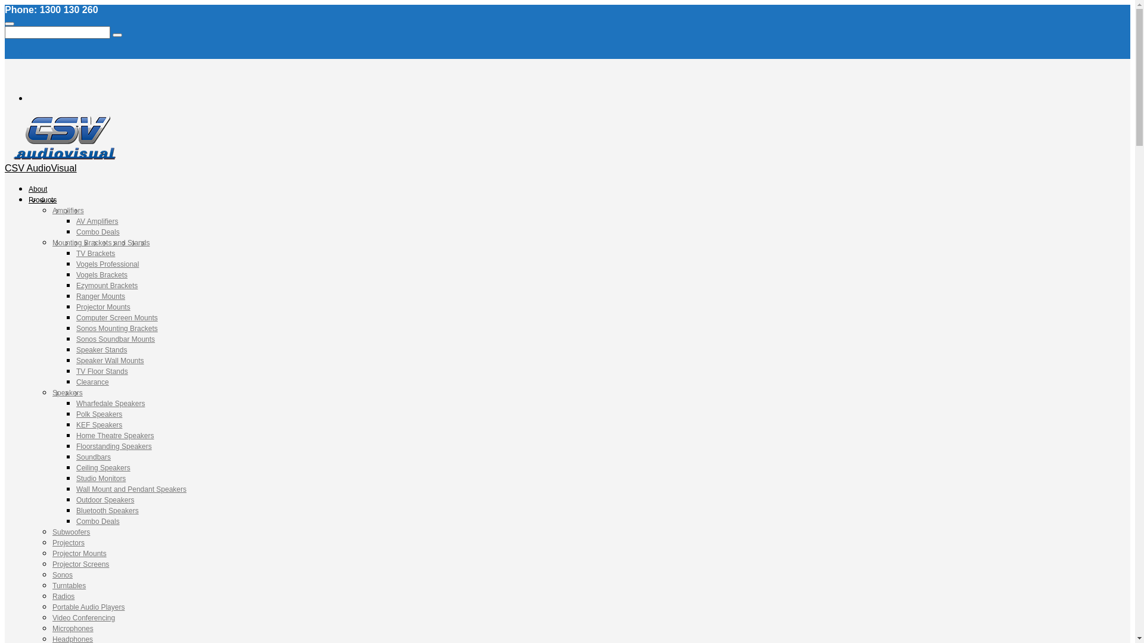 The height and width of the screenshot is (643, 1144). Describe the element at coordinates (117, 317) in the screenshot. I see `'Computer Screen Mounts'` at that location.